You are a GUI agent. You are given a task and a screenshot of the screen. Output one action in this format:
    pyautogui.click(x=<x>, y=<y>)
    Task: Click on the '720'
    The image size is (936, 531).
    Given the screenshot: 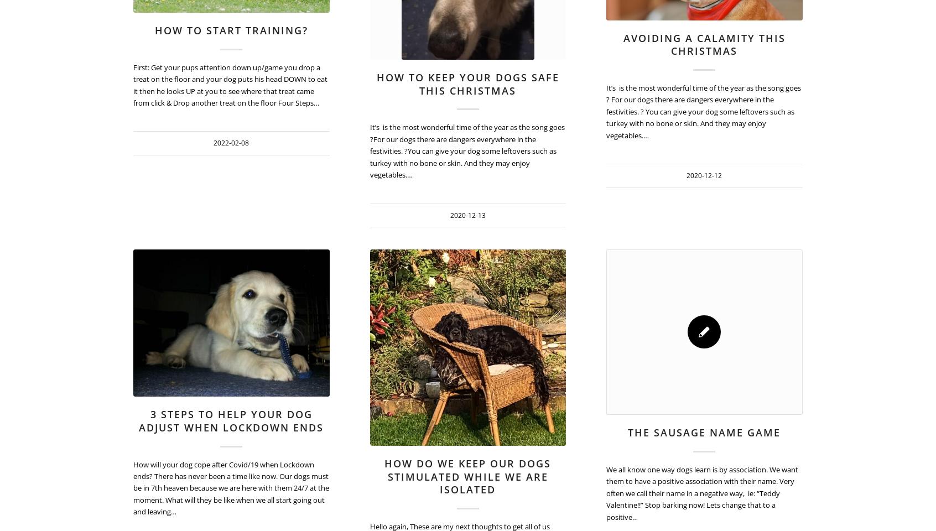 What is the action you would take?
    pyautogui.click(x=334, y=278)
    